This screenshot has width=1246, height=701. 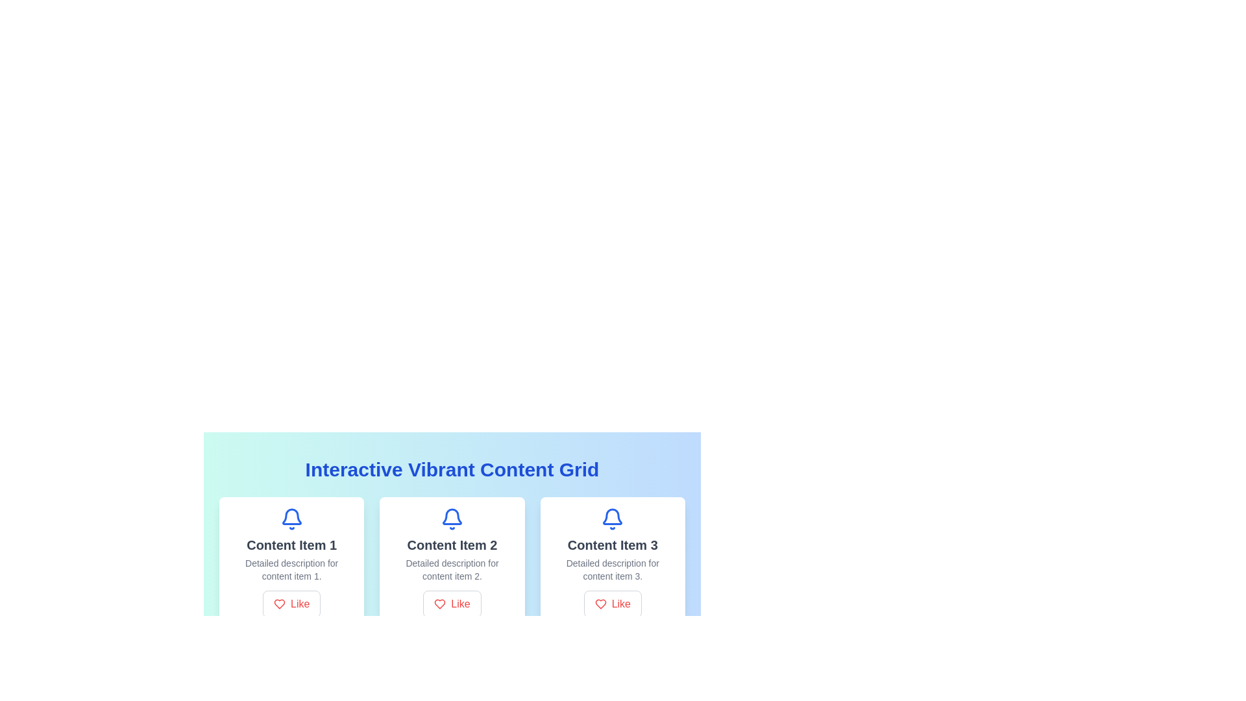 I want to click on the 'Like' button located at the bottom of the middle card ('Content Item 2') to express positive feedback, so click(x=452, y=604).